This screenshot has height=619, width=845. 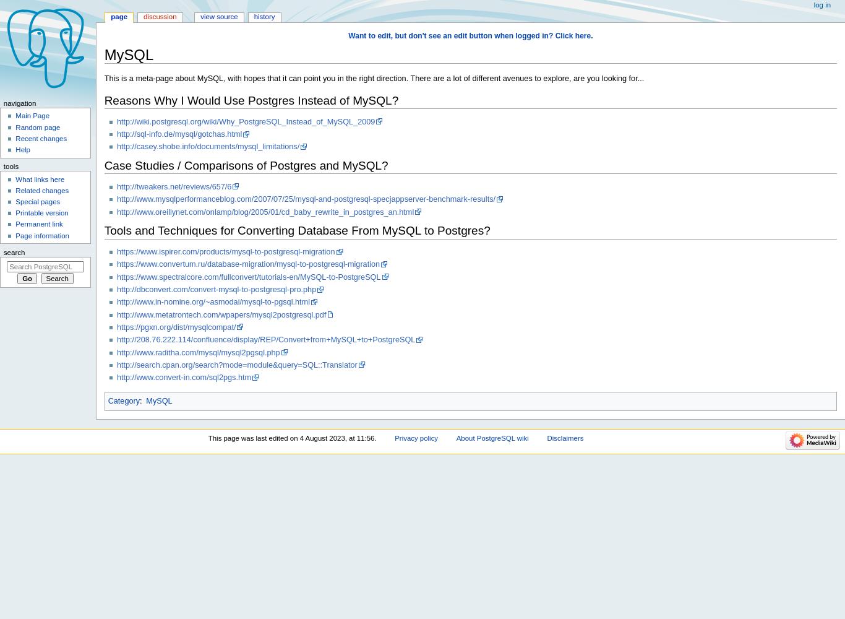 I want to click on 'Category', so click(x=122, y=400).